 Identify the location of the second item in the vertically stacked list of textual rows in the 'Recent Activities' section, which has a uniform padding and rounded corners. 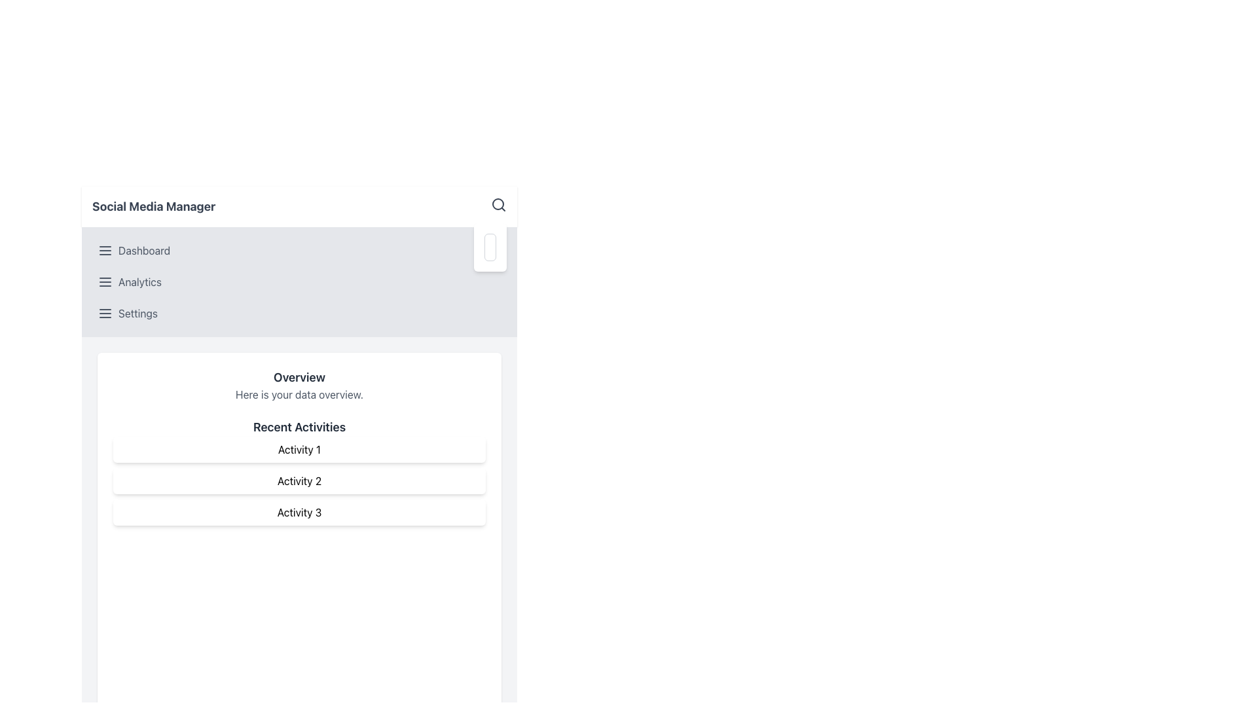
(299, 481).